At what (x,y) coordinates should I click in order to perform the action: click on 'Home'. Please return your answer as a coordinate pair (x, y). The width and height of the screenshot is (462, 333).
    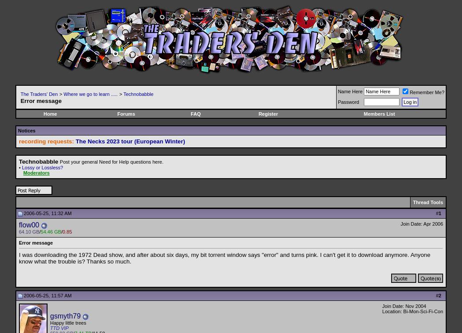
    Looking at the image, I should click on (50, 113).